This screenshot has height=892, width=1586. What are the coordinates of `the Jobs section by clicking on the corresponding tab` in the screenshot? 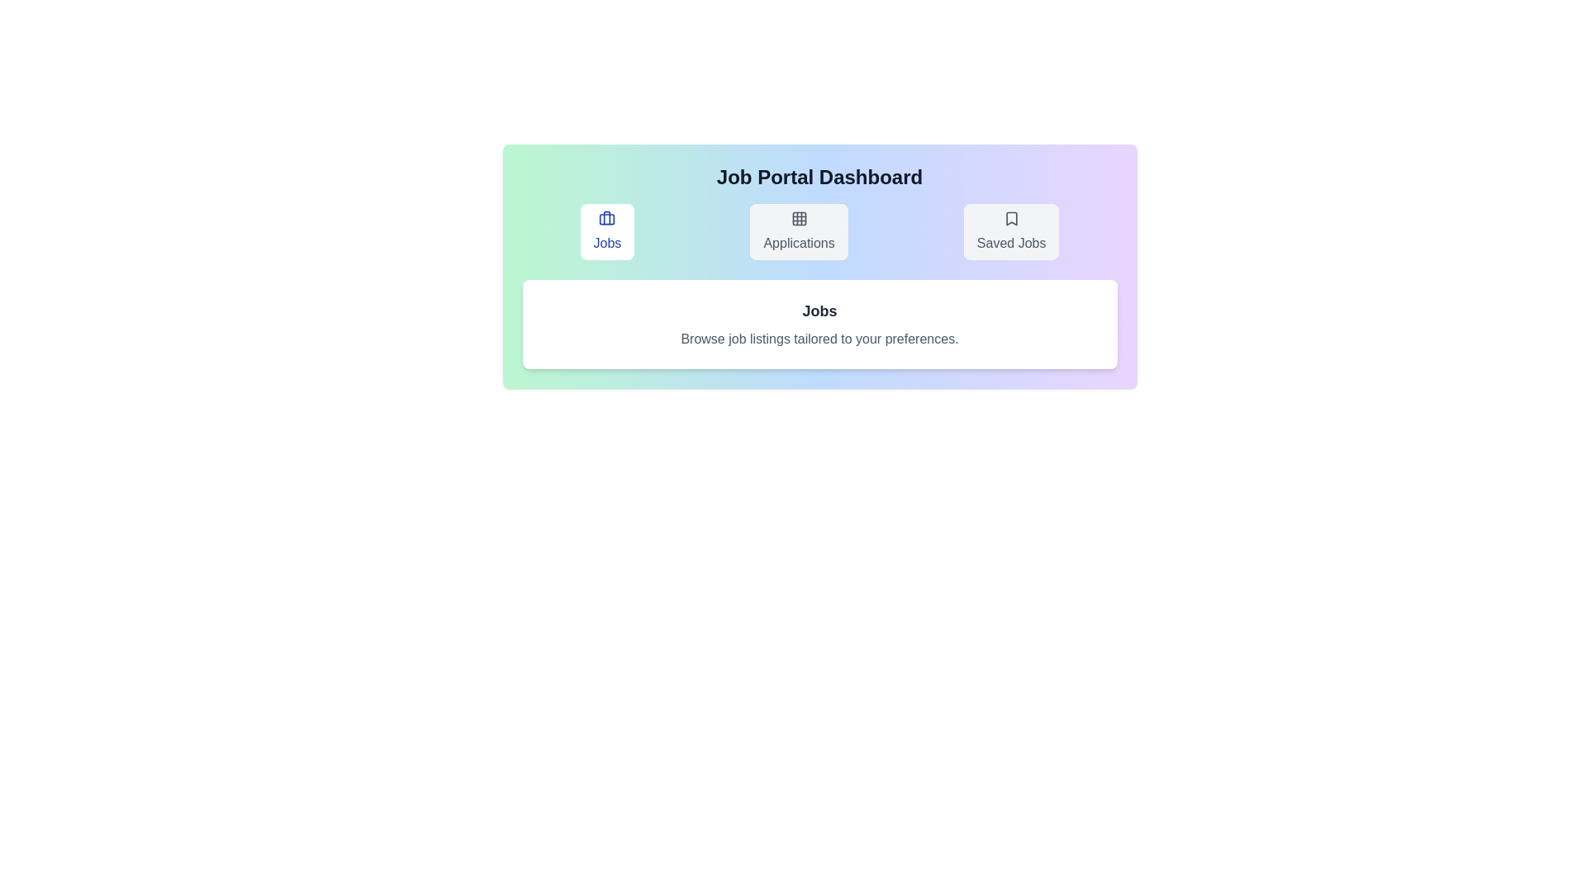 It's located at (606, 232).